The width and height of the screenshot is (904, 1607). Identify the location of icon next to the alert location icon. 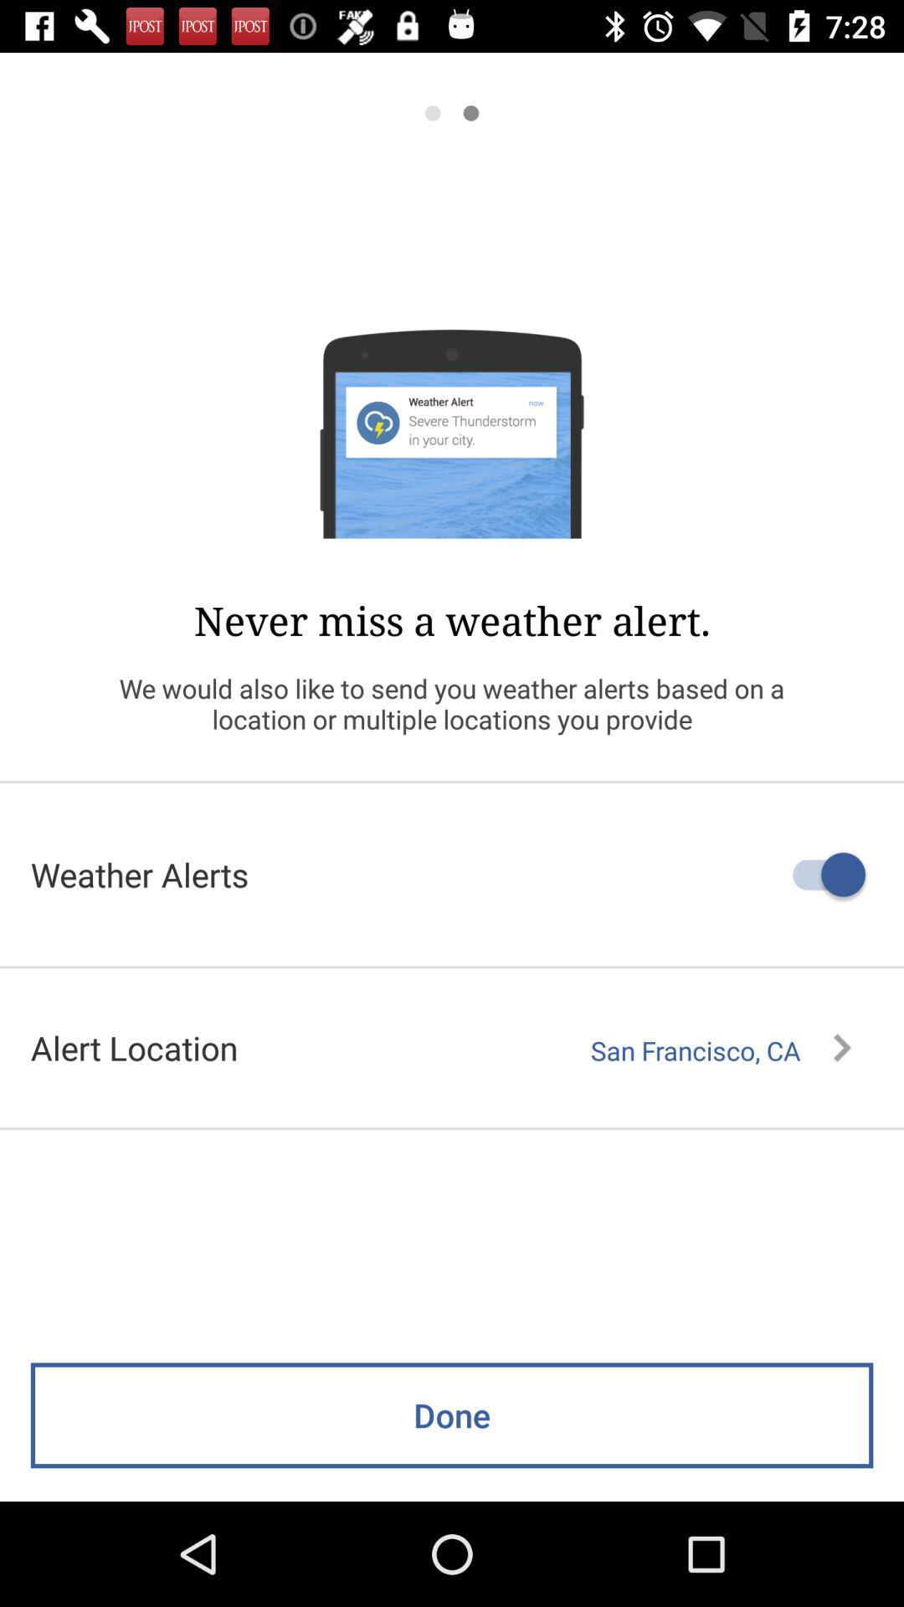
(720, 1050).